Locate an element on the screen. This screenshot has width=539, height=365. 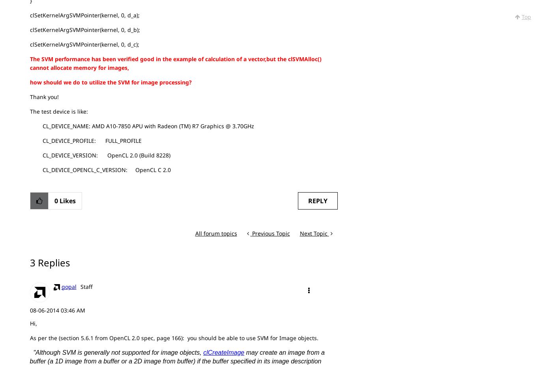
'clSetKernelArgSVMPointer(kernel, 0, d_c);' is located at coordinates (84, 43).